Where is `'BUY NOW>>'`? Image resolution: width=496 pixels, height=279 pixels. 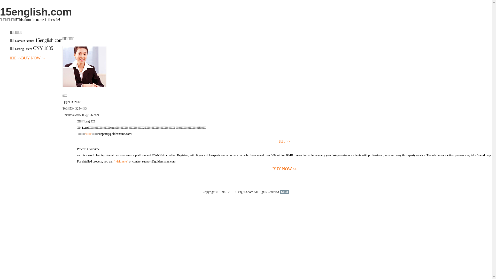
'BUY NOW>>' is located at coordinates (33, 58).